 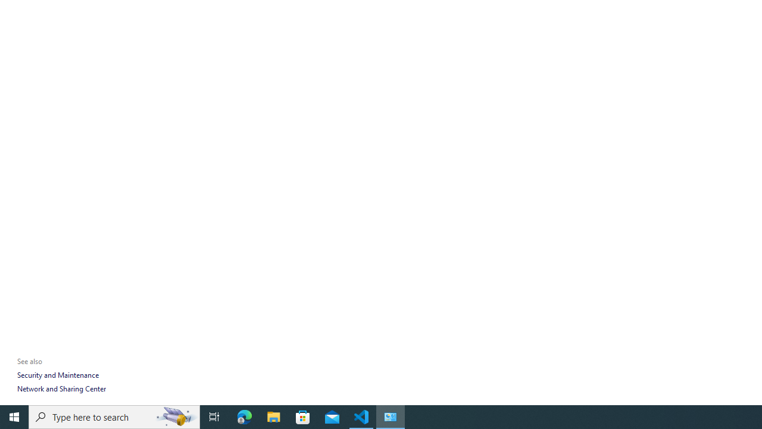 I want to click on 'Visual Studio Code - 1 running window', so click(x=361, y=416).